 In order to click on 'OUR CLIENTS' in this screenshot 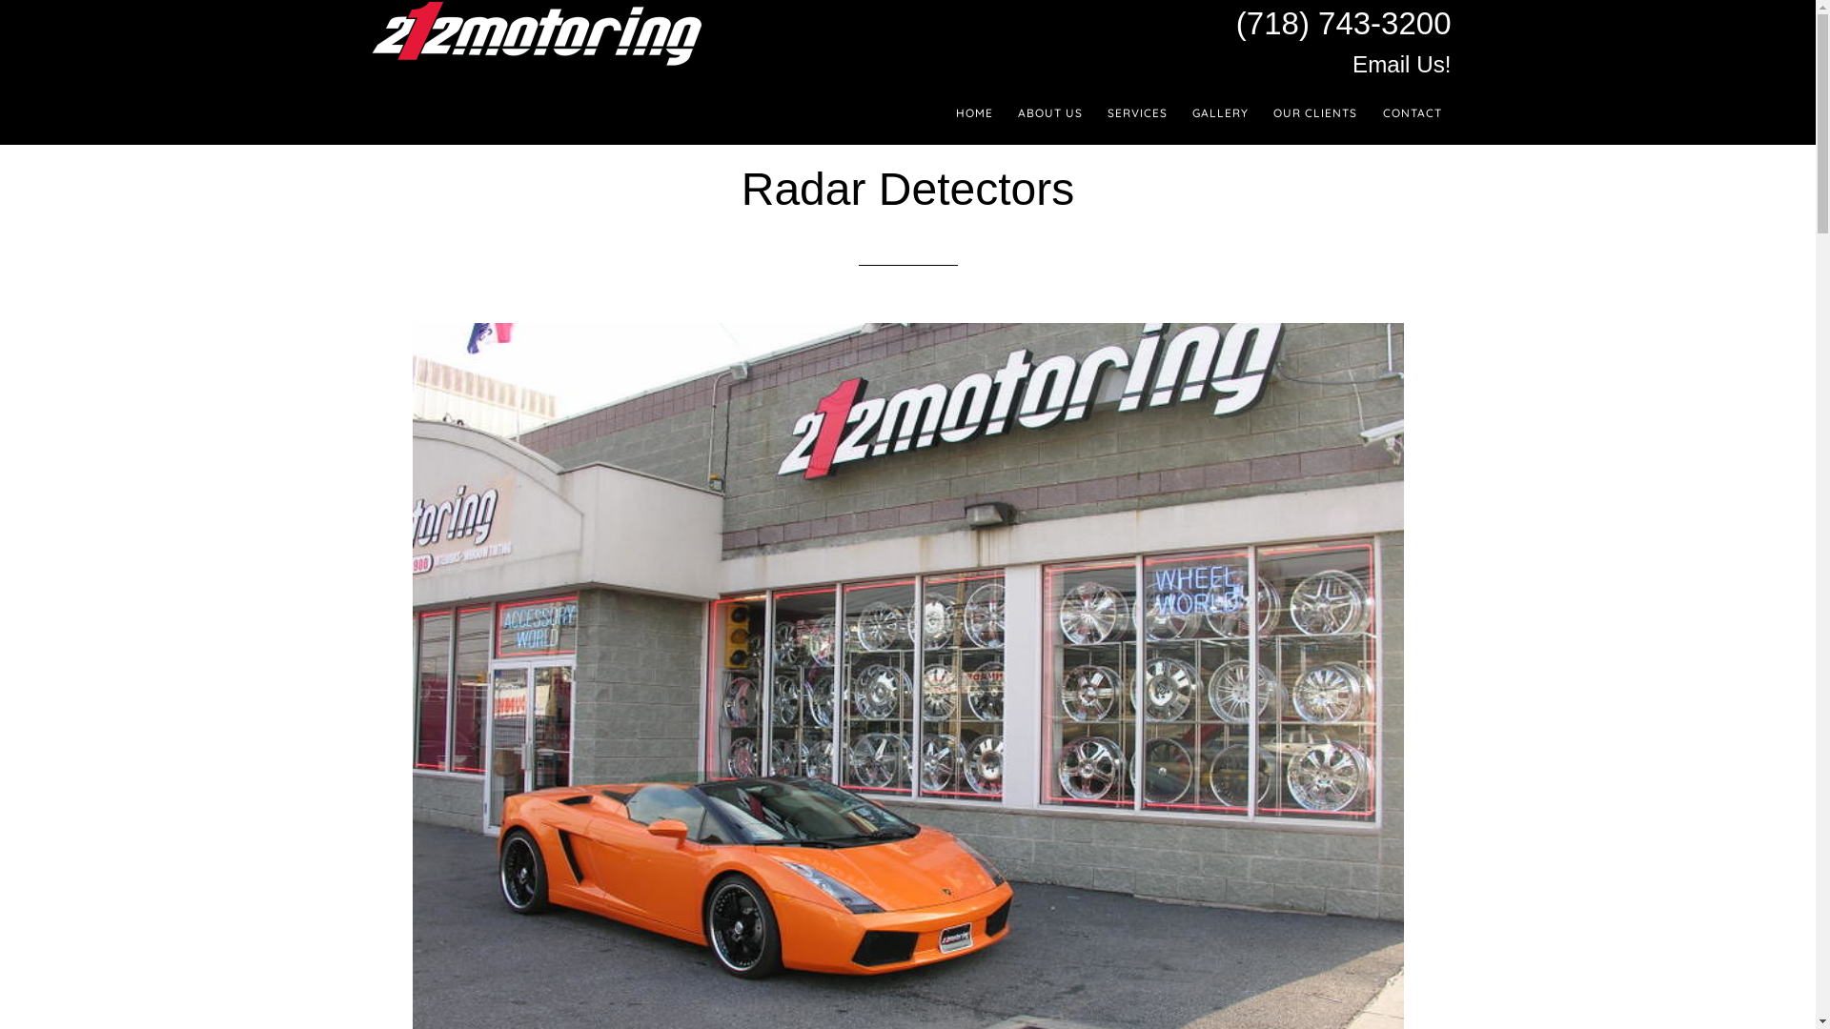, I will do `click(1314, 113)`.